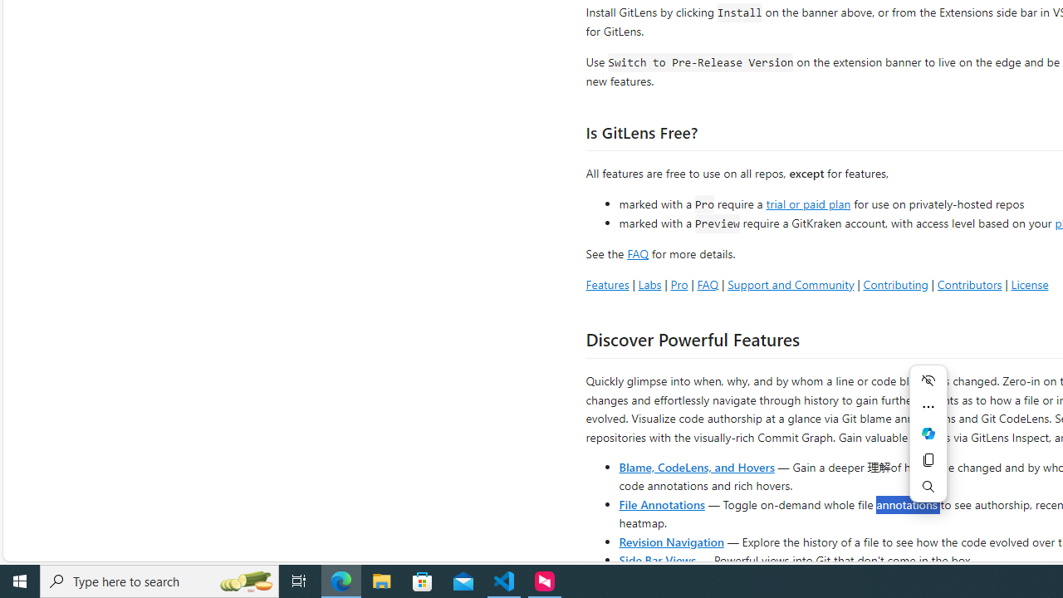  Describe the element at coordinates (606, 283) in the screenshot. I see `'Features'` at that location.